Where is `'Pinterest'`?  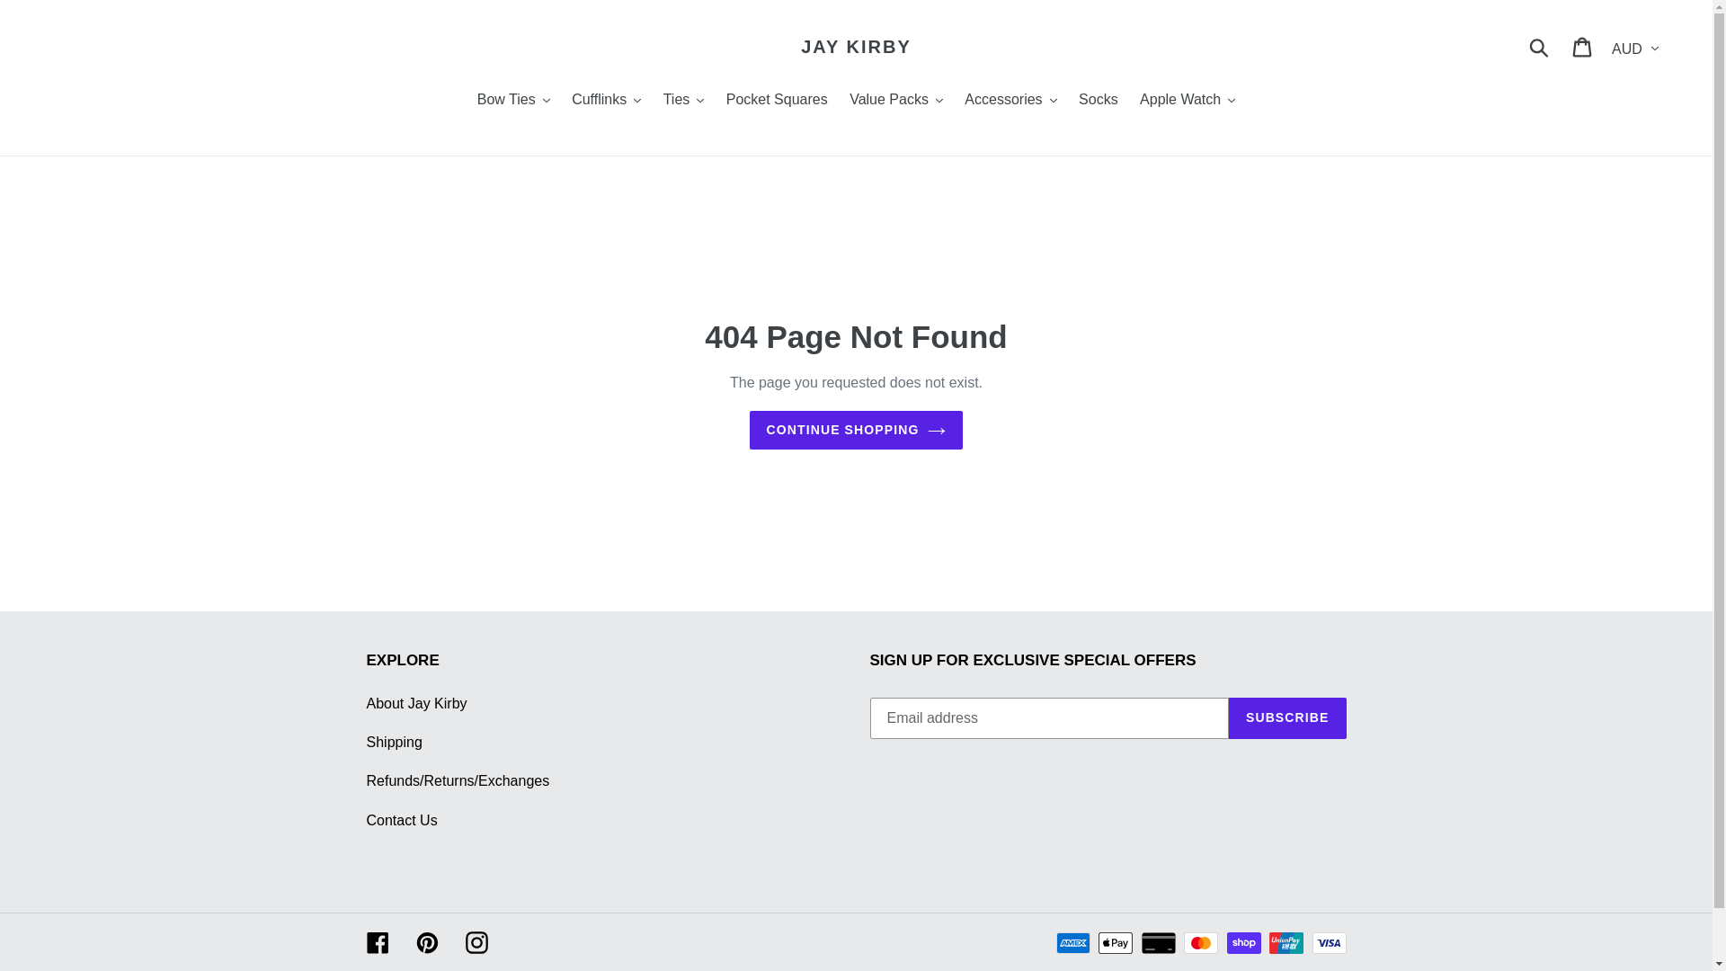 'Pinterest' is located at coordinates (425, 941).